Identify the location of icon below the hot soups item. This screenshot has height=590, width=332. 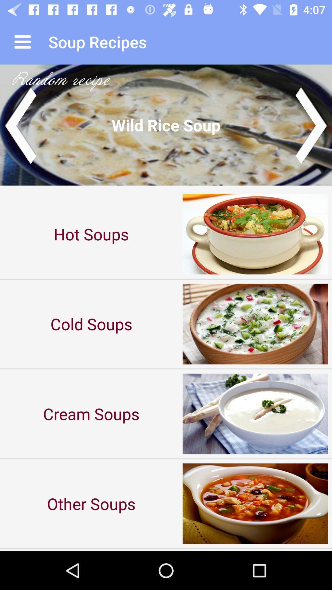
(91, 324).